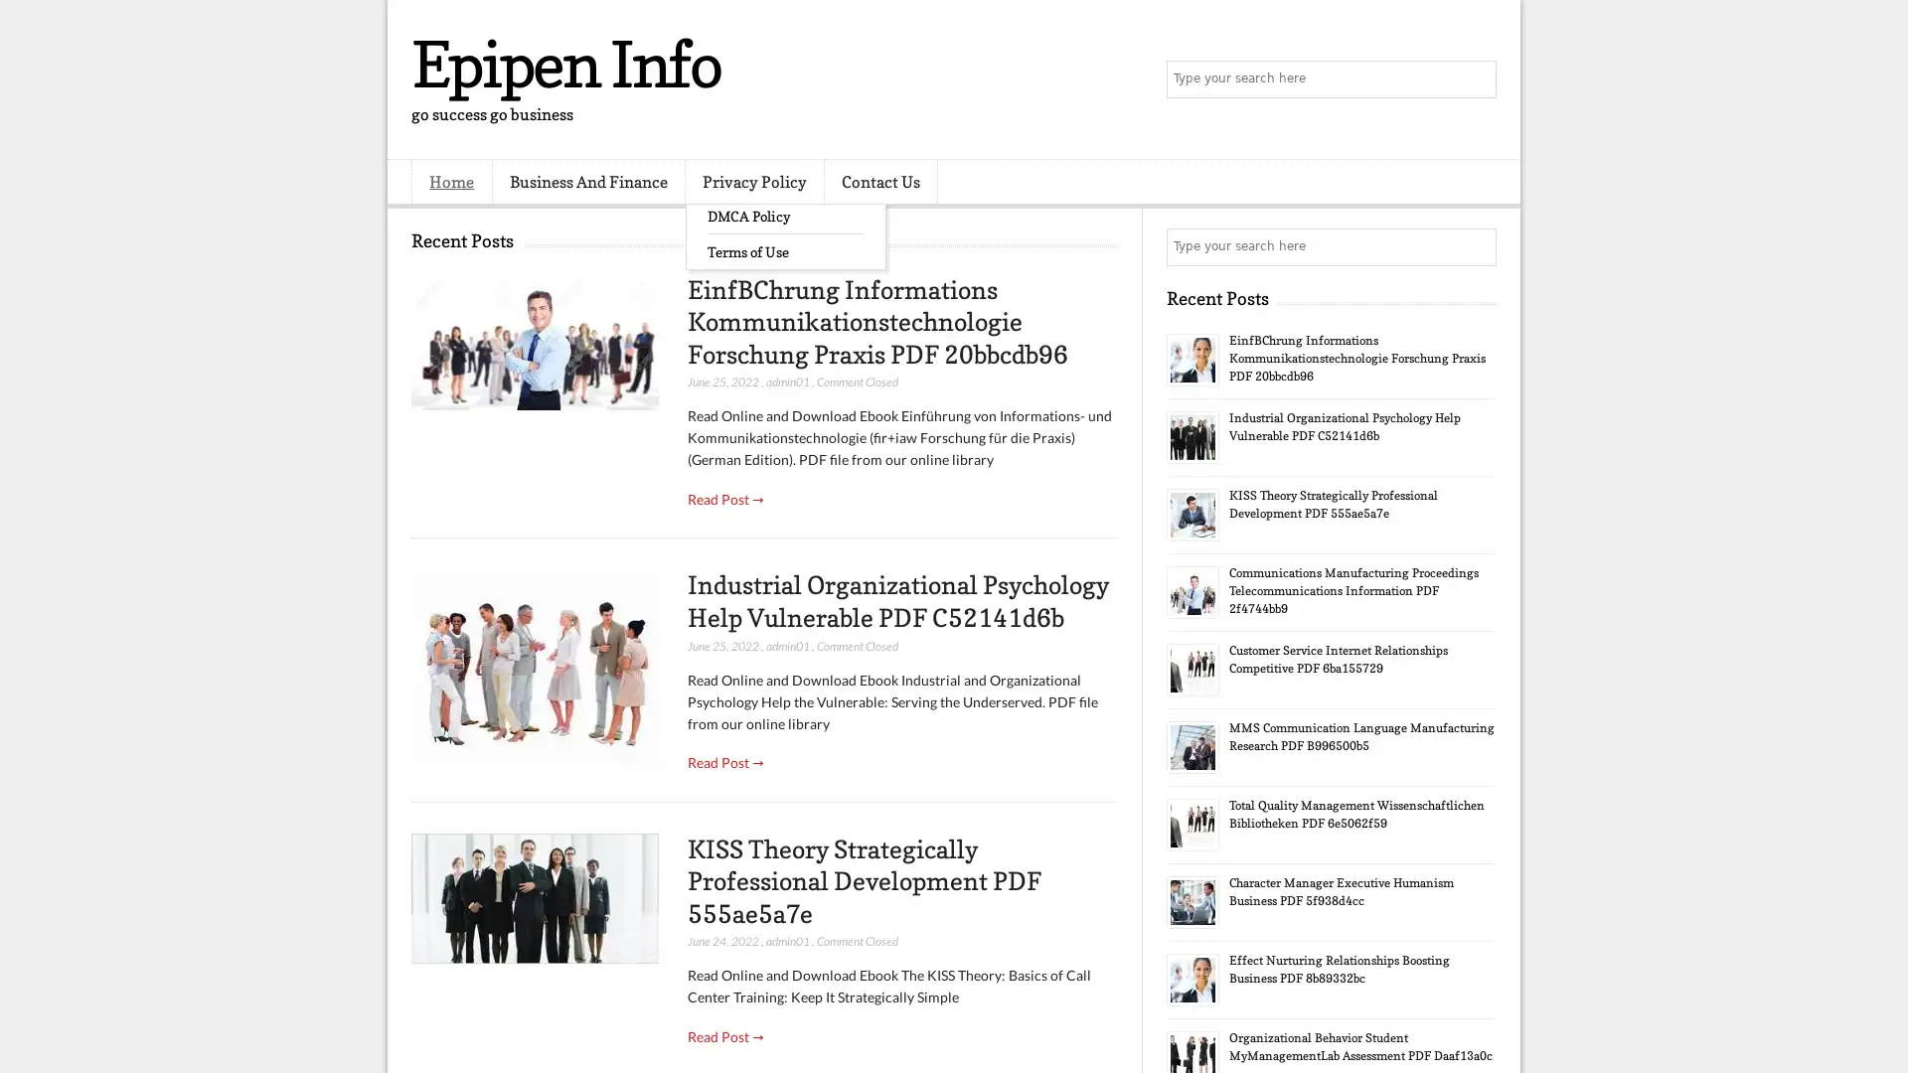 The width and height of the screenshot is (1908, 1073). What do you see at coordinates (1476, 246) in the screenshot?
I see `Search` at bounding box center [1476, 246].